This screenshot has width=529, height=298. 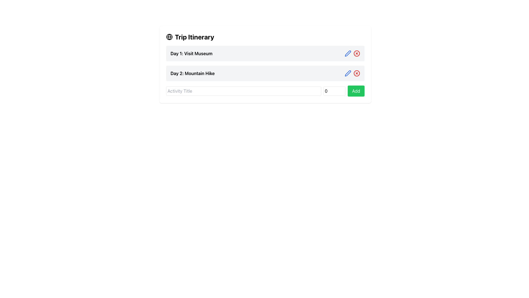 What do you see at coordinates (169, 37) in the screenshot?
I see `the globe-shaped icon located in the top left corner of the header section labeled 'Trip Itinerary'` at bounding box center [169, 37].